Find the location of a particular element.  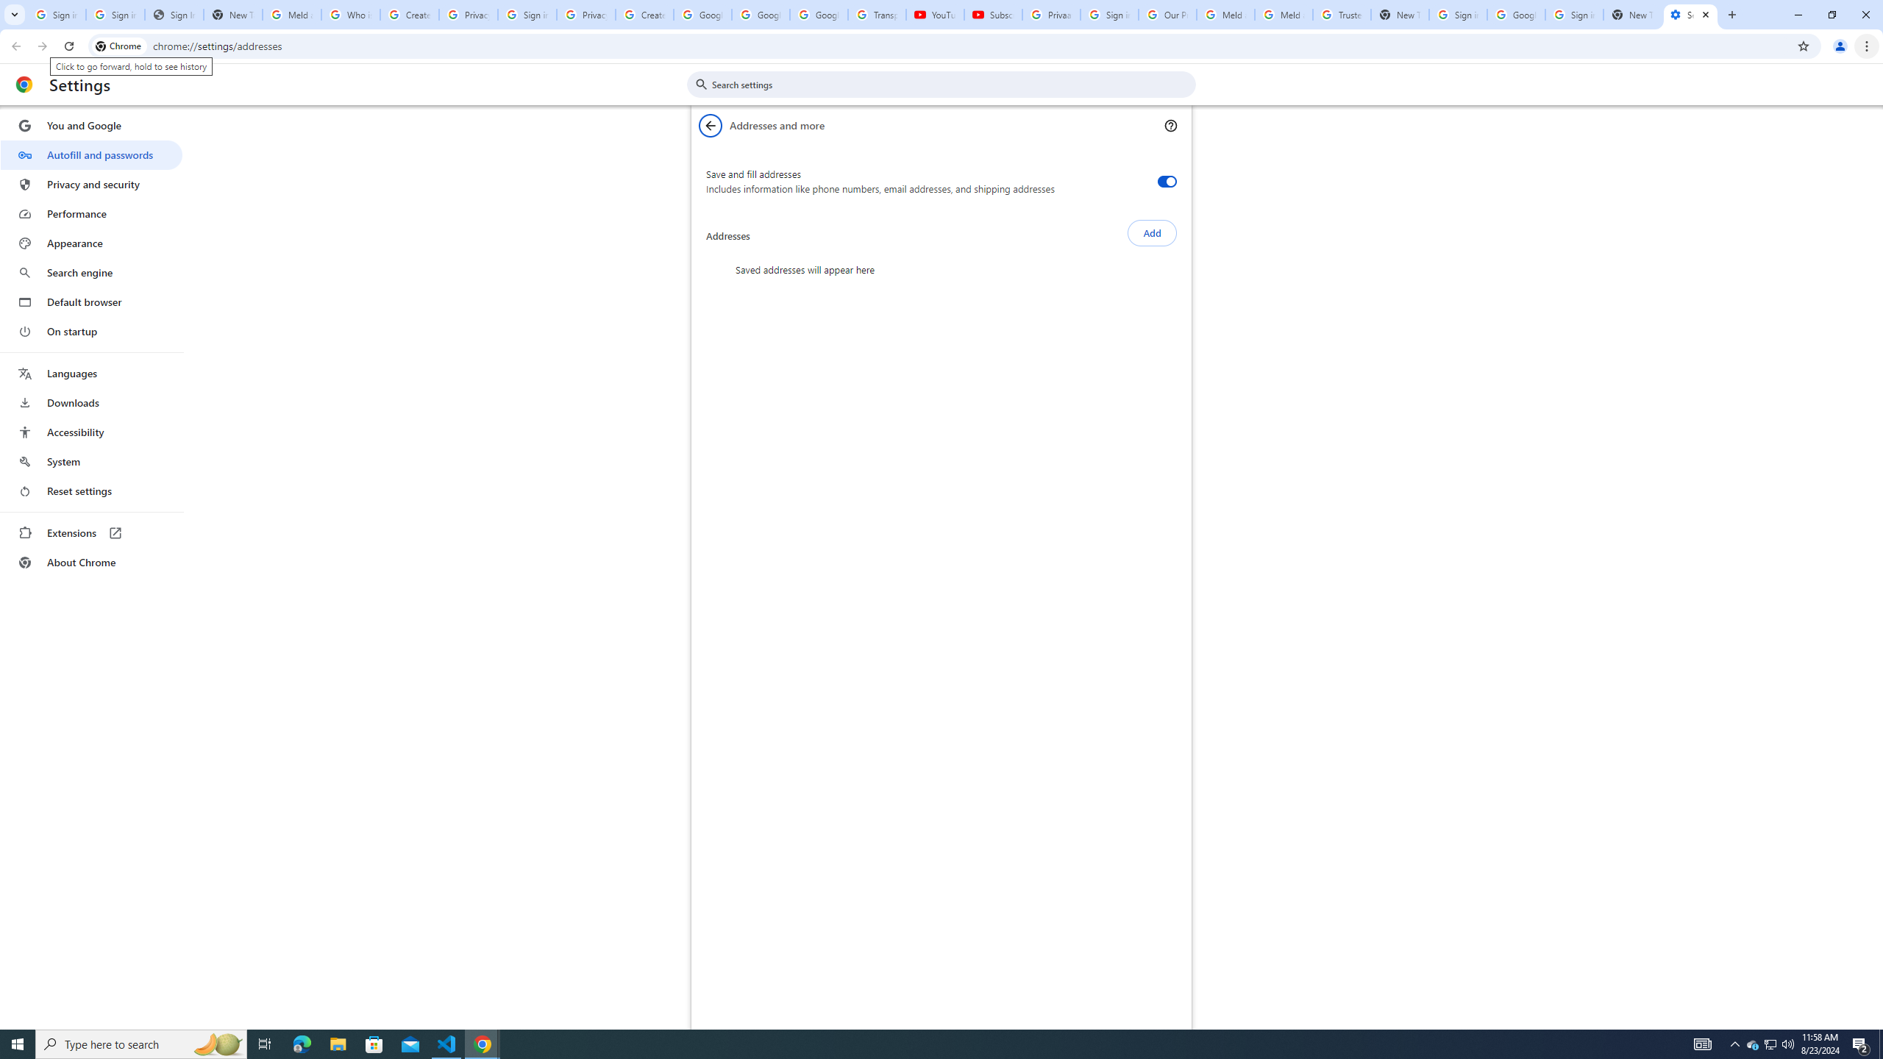

'You and Google' is located at coordinates (90, 126).